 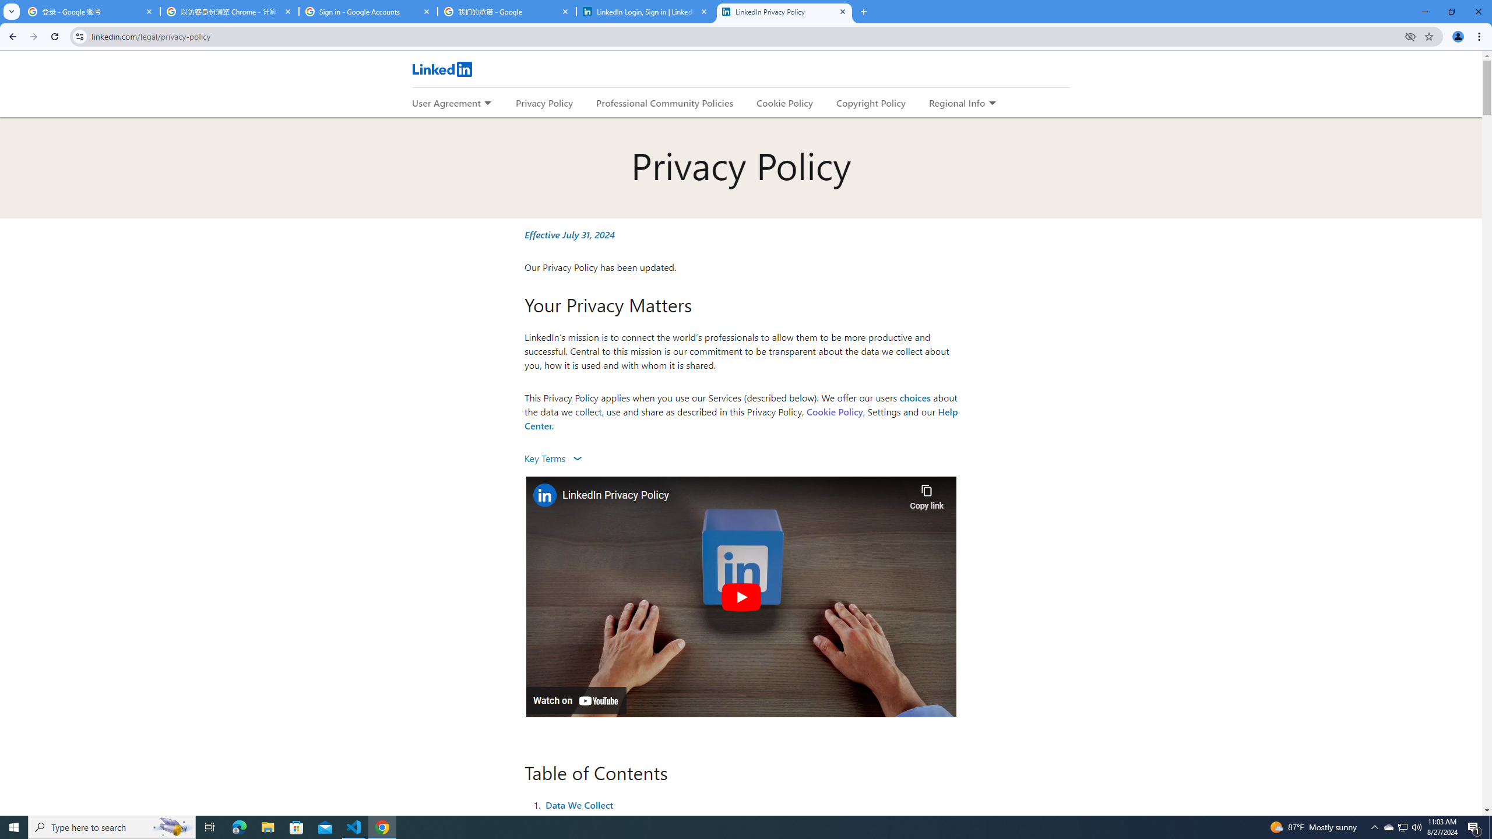 What do you see at coordinates (552, 457) in the screenshot?
I see `'Key Terms '` at bounding box center [552, 457].